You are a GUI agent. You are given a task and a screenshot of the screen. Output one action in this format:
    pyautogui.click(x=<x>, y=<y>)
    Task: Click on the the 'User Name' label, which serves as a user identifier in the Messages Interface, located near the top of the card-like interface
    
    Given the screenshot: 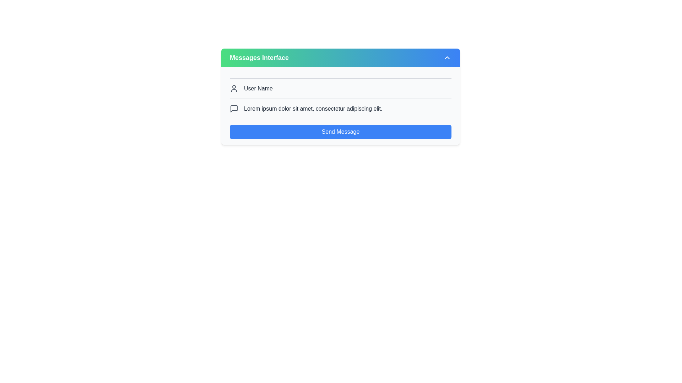 What is the action you would take?
    pyautogui.click(x=258, y=88)
    